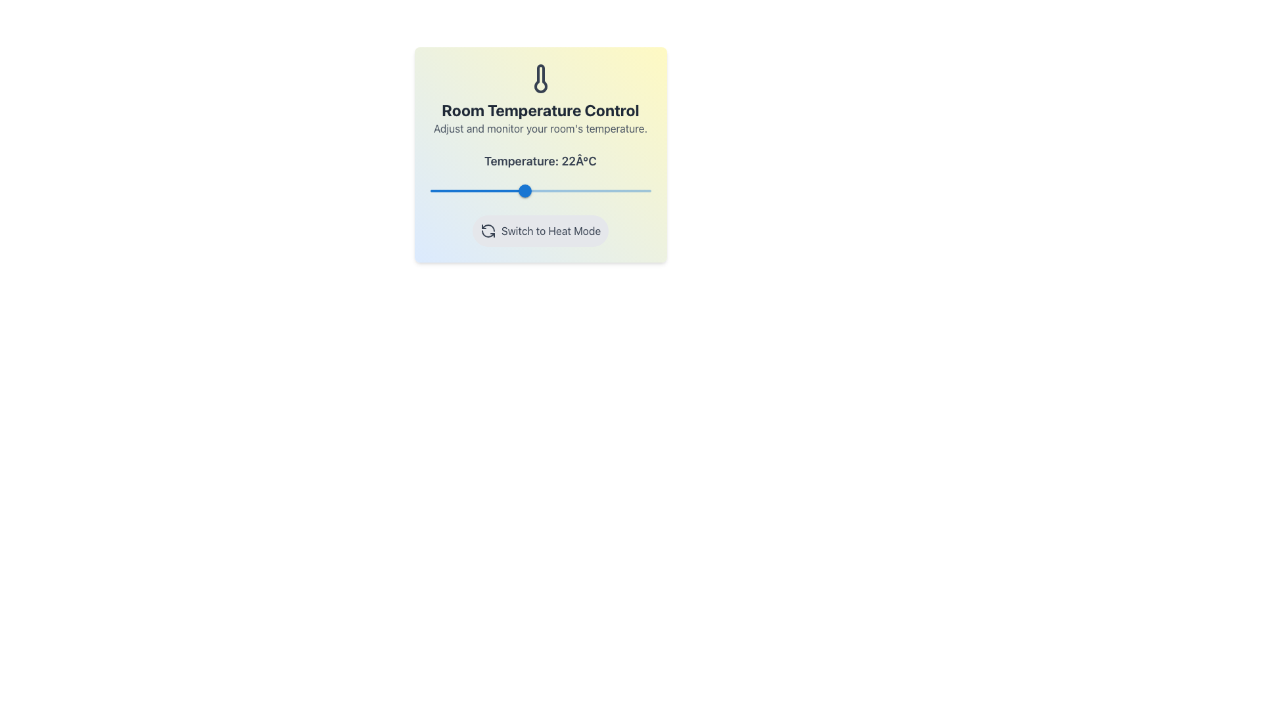  Describe the element at coordinates (496, 190) in the screenshot. I see `the temperature` at that location.